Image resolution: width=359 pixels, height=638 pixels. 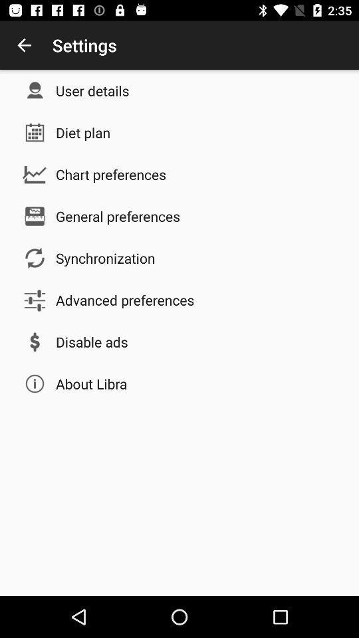 I want to click on item below disable ads item, so click(x=90, y=383).